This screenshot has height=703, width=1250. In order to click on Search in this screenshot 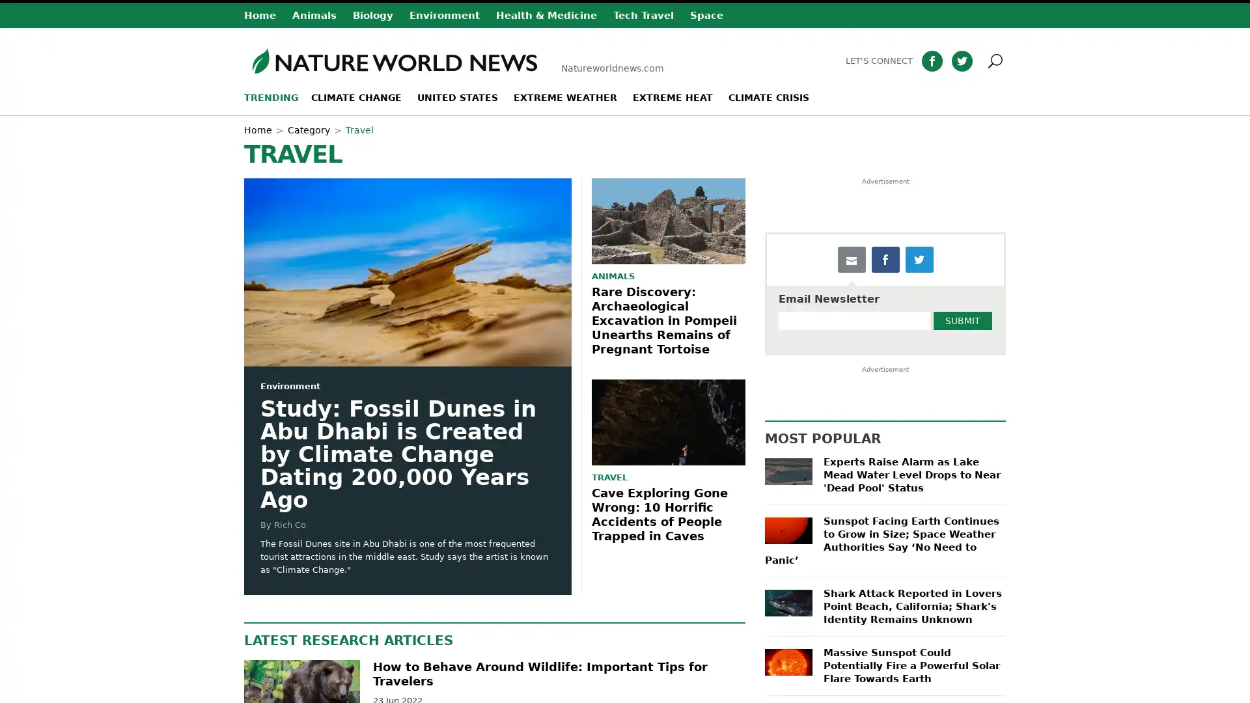, I will do `click(1014, 60)`.